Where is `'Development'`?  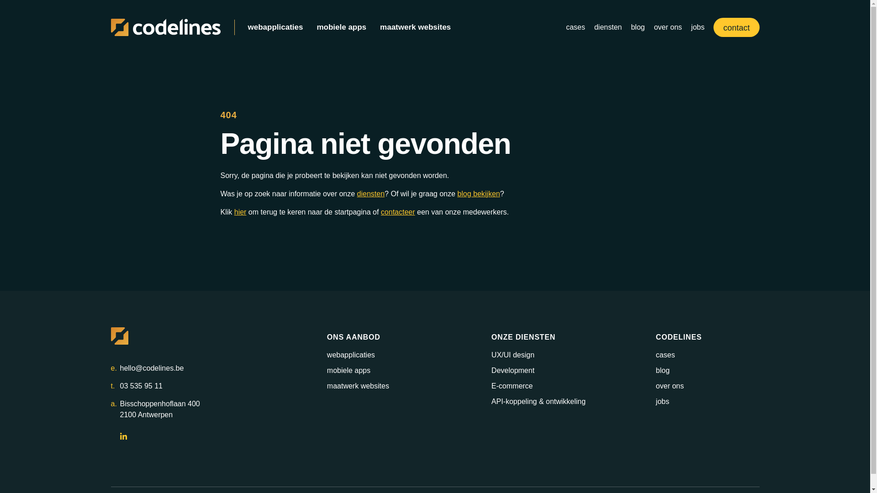
'Development' is located at coordinates (513, 370).